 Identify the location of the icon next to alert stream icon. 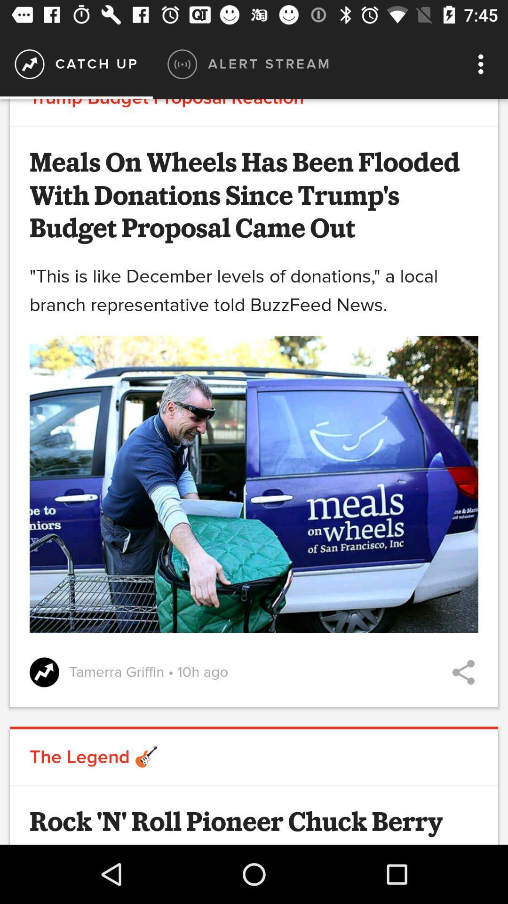
(483, 64).